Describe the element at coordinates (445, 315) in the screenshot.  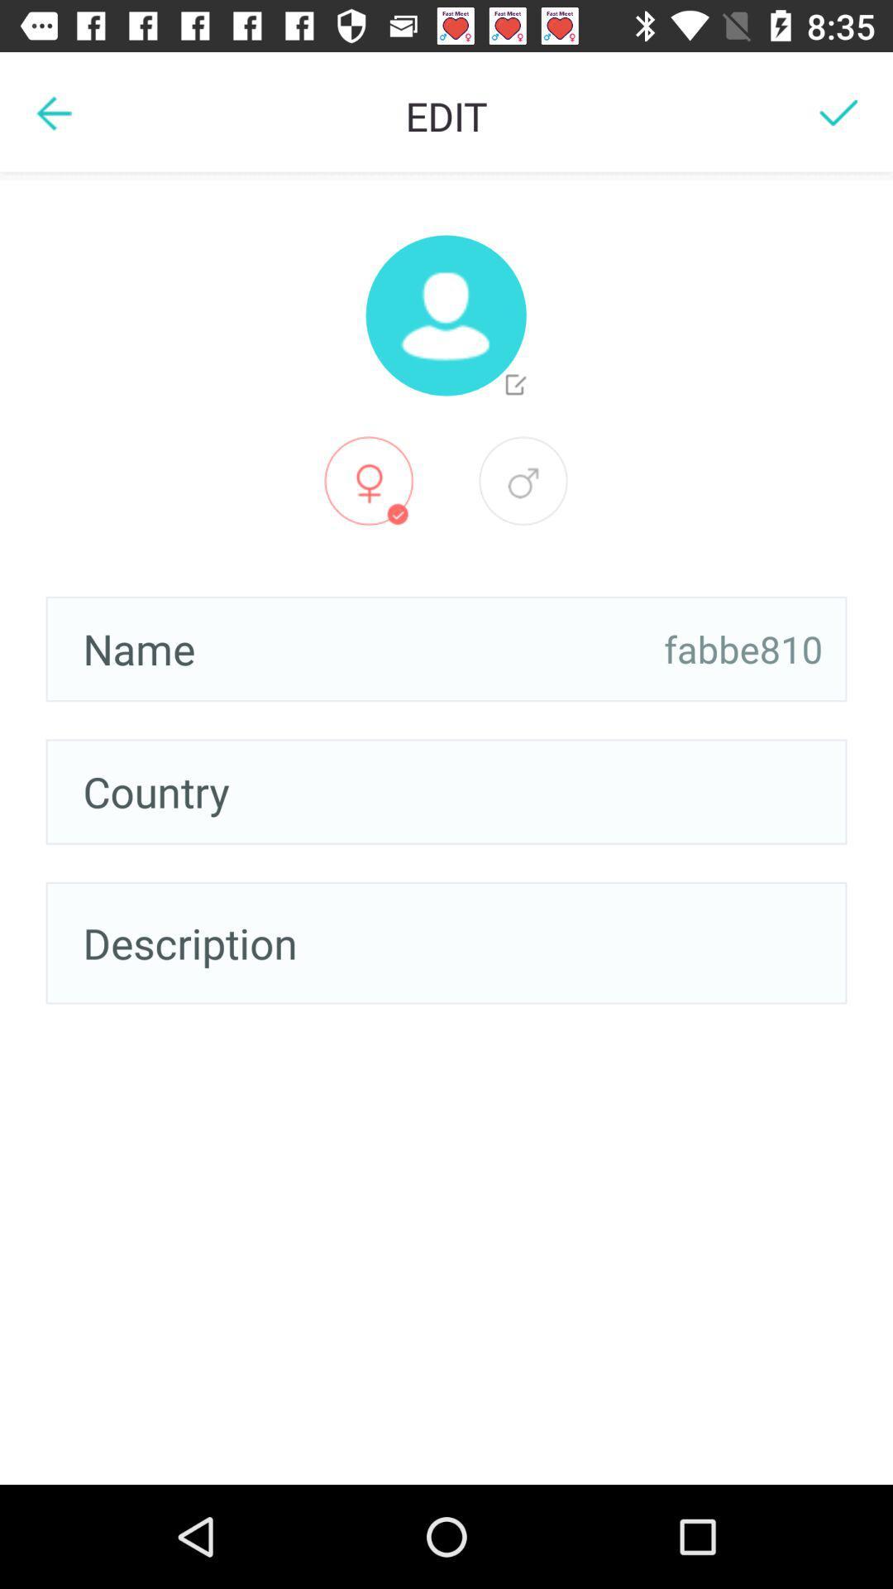
I see `profile picture` at that location.